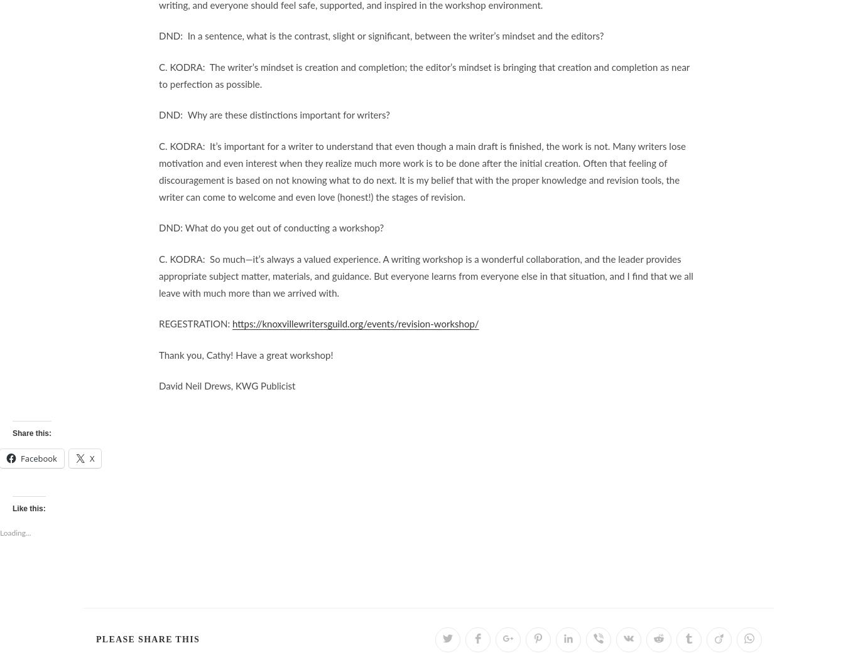 The height and width of the screenshot is (658, 858). What do you see at coordinates (148, 639) in the screenshot?
I see `'Please Share This'` at bounding box center [148, 639].